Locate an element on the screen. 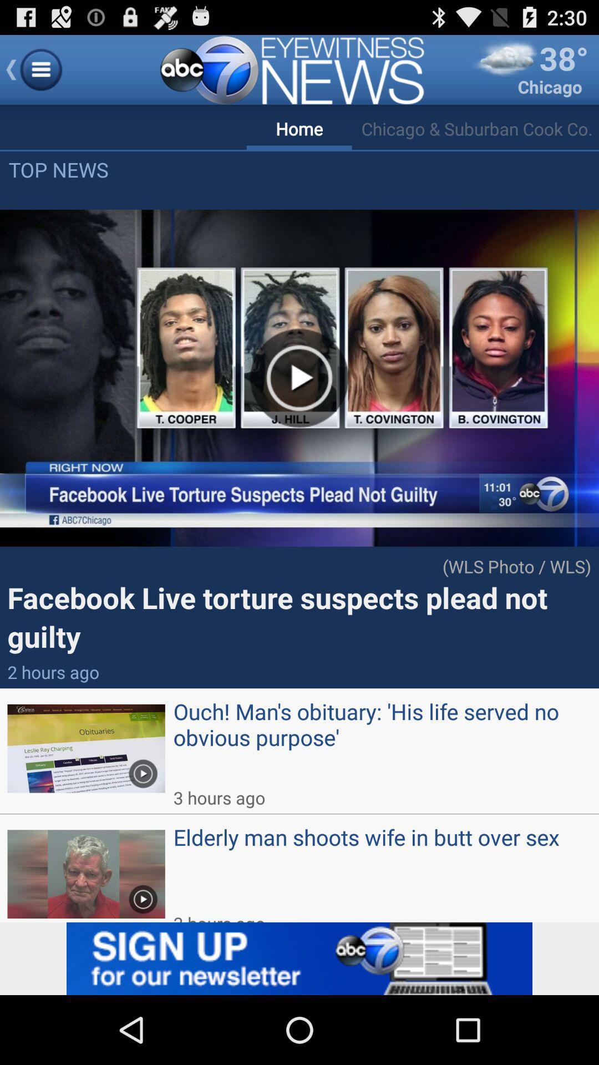 The height and width of the screenshot is (1065, 599). the play symbol beside elderly man shoots wife in butt over sex is located at coordinates (143, 895).